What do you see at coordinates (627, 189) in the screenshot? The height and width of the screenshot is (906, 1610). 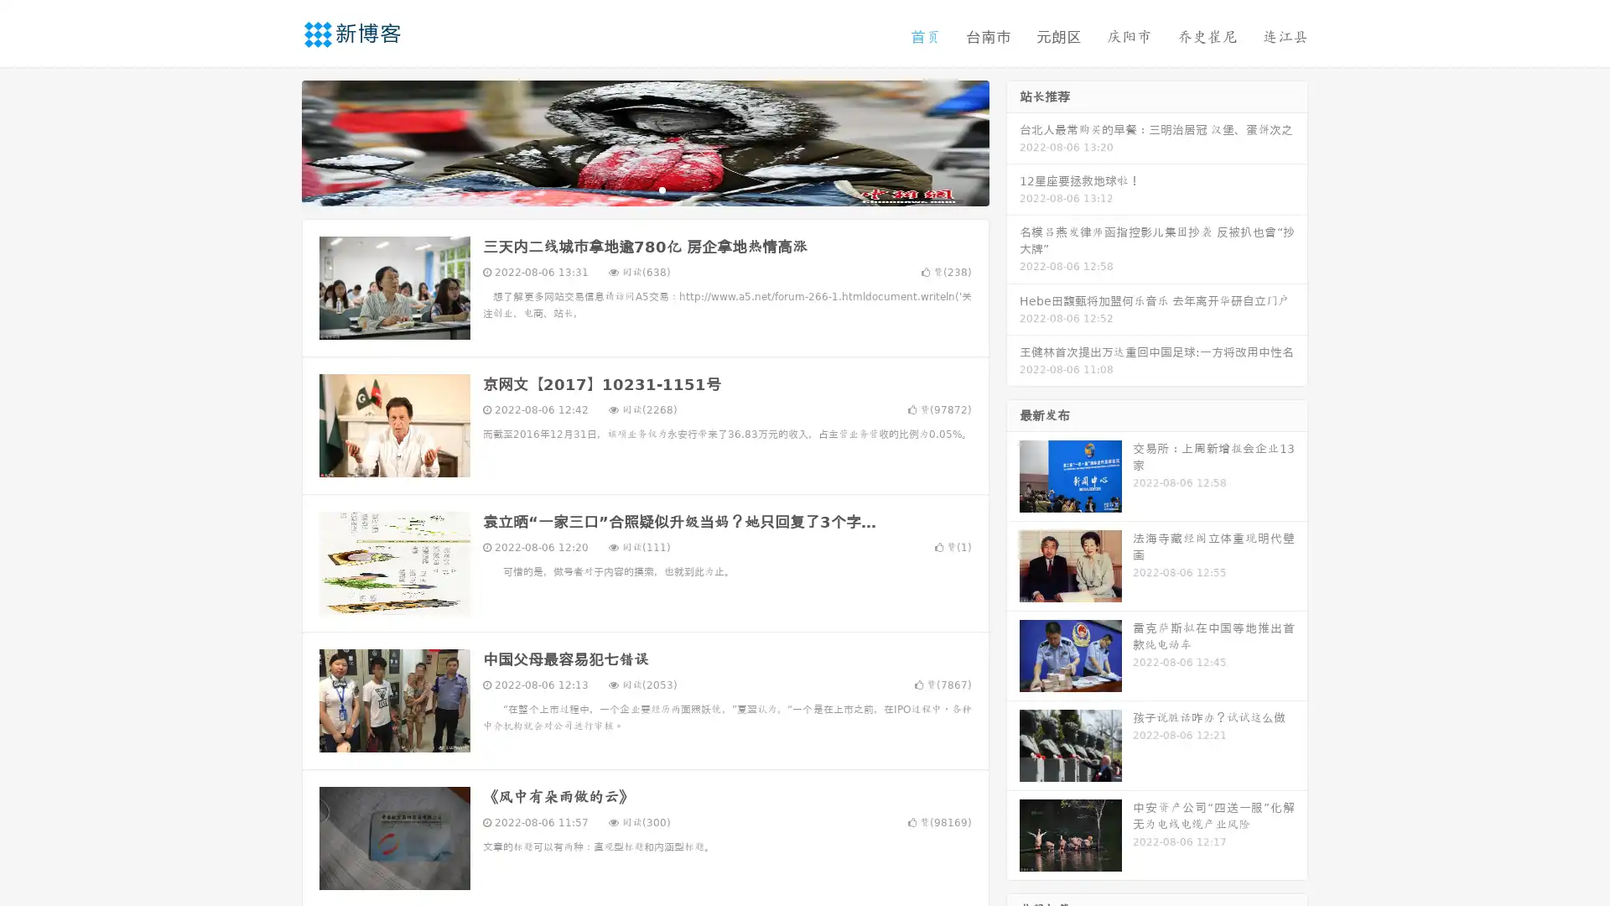 I see `Go to slide 1` at bounding box center [627, 189].